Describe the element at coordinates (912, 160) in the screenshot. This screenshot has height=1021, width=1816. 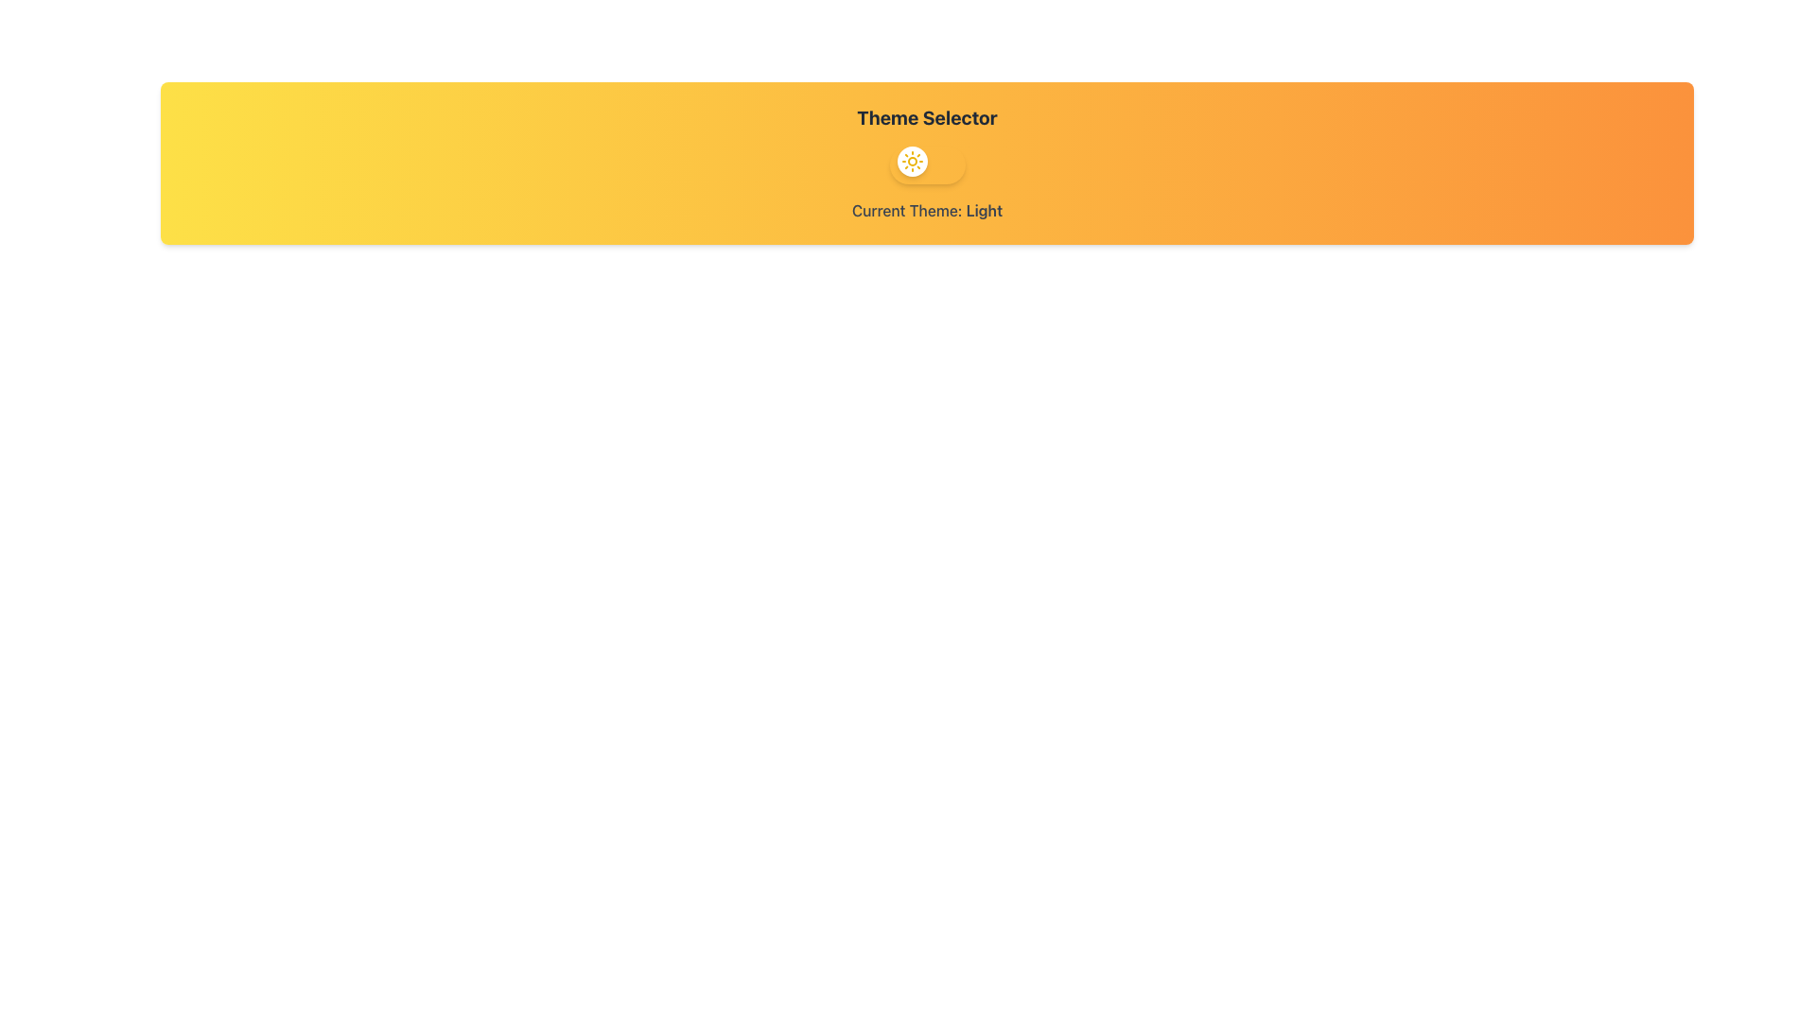
I see `the circular button toggle handler located near the left side of the toggle switch` at that location.